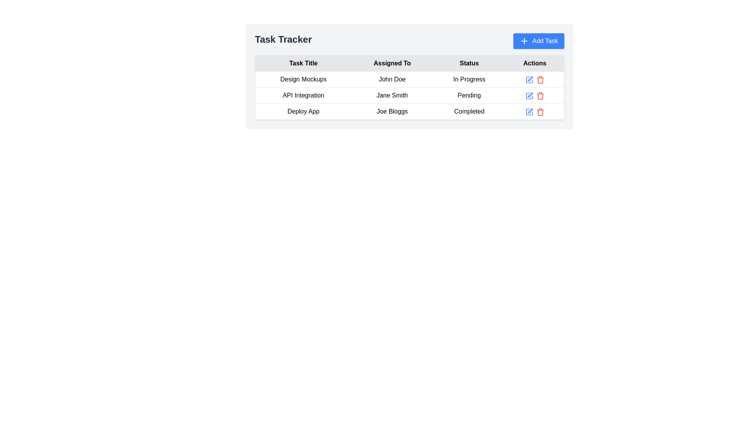 The image size is (753, 423). Describe the element at coordinates (524, 41) in the screenshot. I see `the plus sign icon, which is styled in a minimalist design with a white stroke on a blue background, located to the left of the 'Add Task' label inside the blue 'Add Task' button` at that location.